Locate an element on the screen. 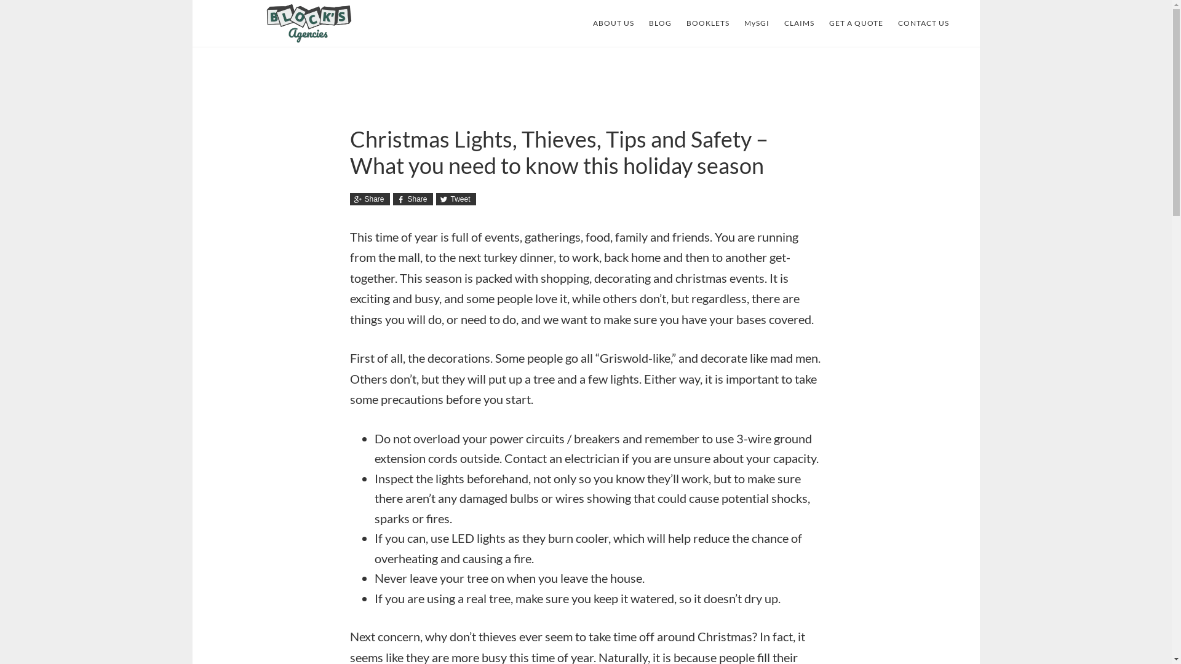 This screenshot has height=664, width=1181. 'MySGI' is located at coordinates (756, 23).